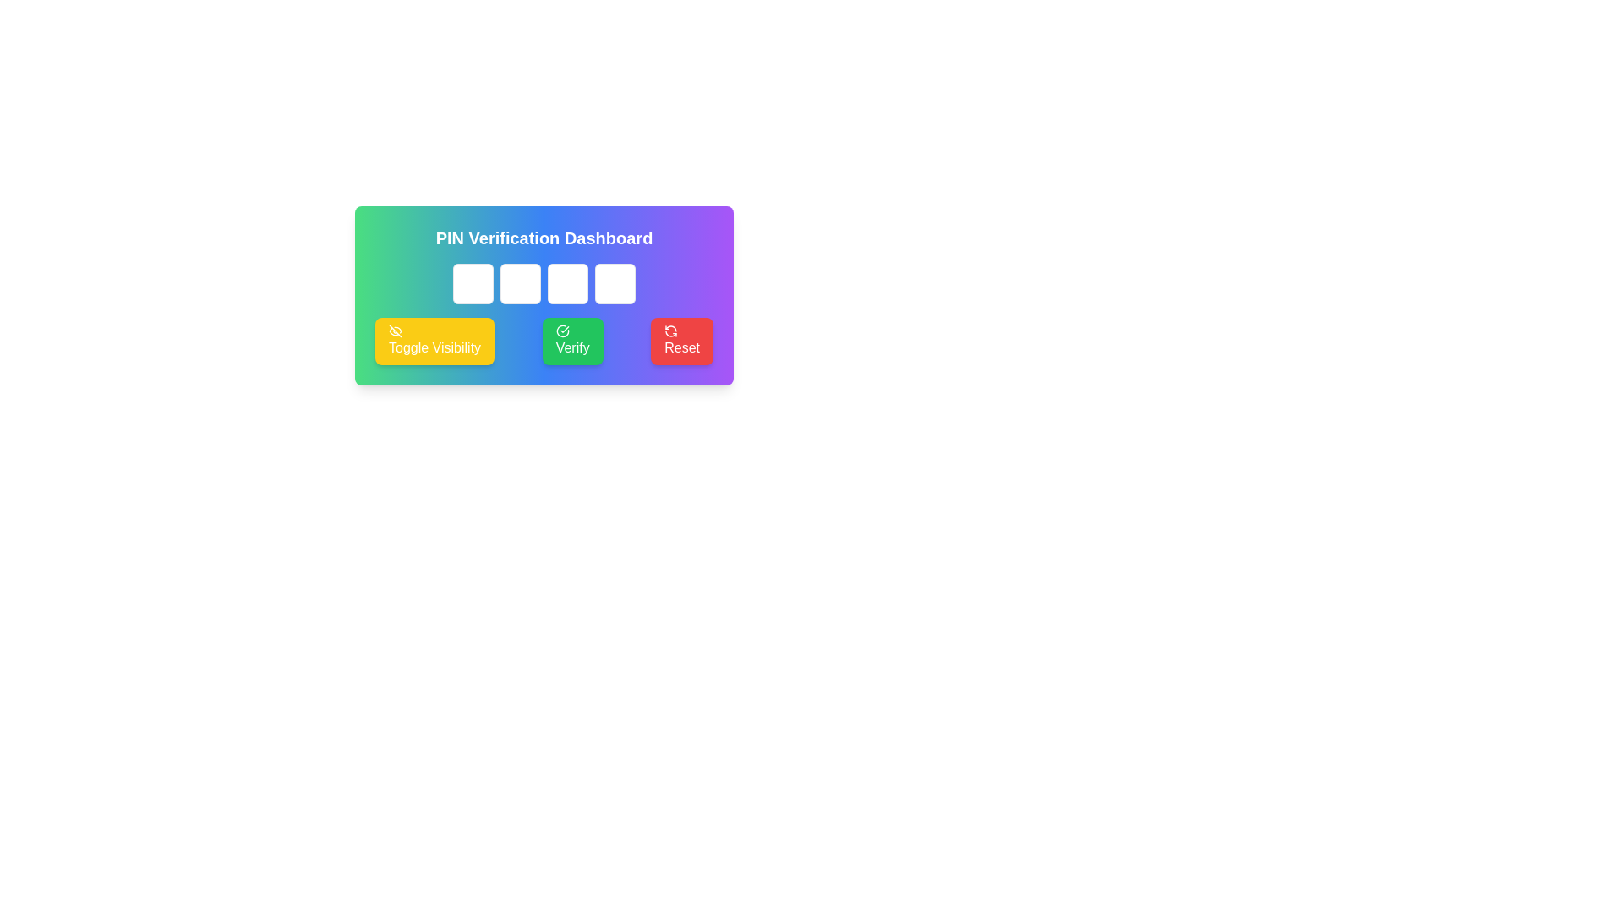 Image resolution: width=1623 pixels, height=913 pixels. What do you see at coordinates (544, 295) in the screenshot?
I see `any of the four white rectangular input boxes in the 'PIN Verification Dashboard'` at bounding box center [544, 295].